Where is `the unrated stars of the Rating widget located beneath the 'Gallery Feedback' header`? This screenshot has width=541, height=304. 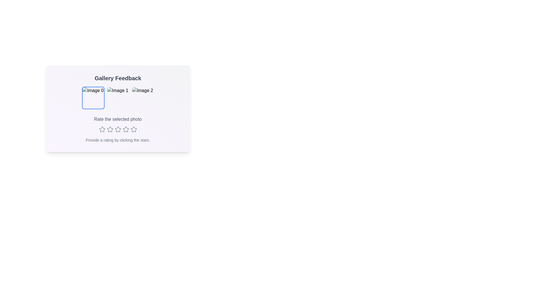
the unrated stars of the Rating widget located beneath the 'Gallery Feedback' header is located at coordinates (117, 129).